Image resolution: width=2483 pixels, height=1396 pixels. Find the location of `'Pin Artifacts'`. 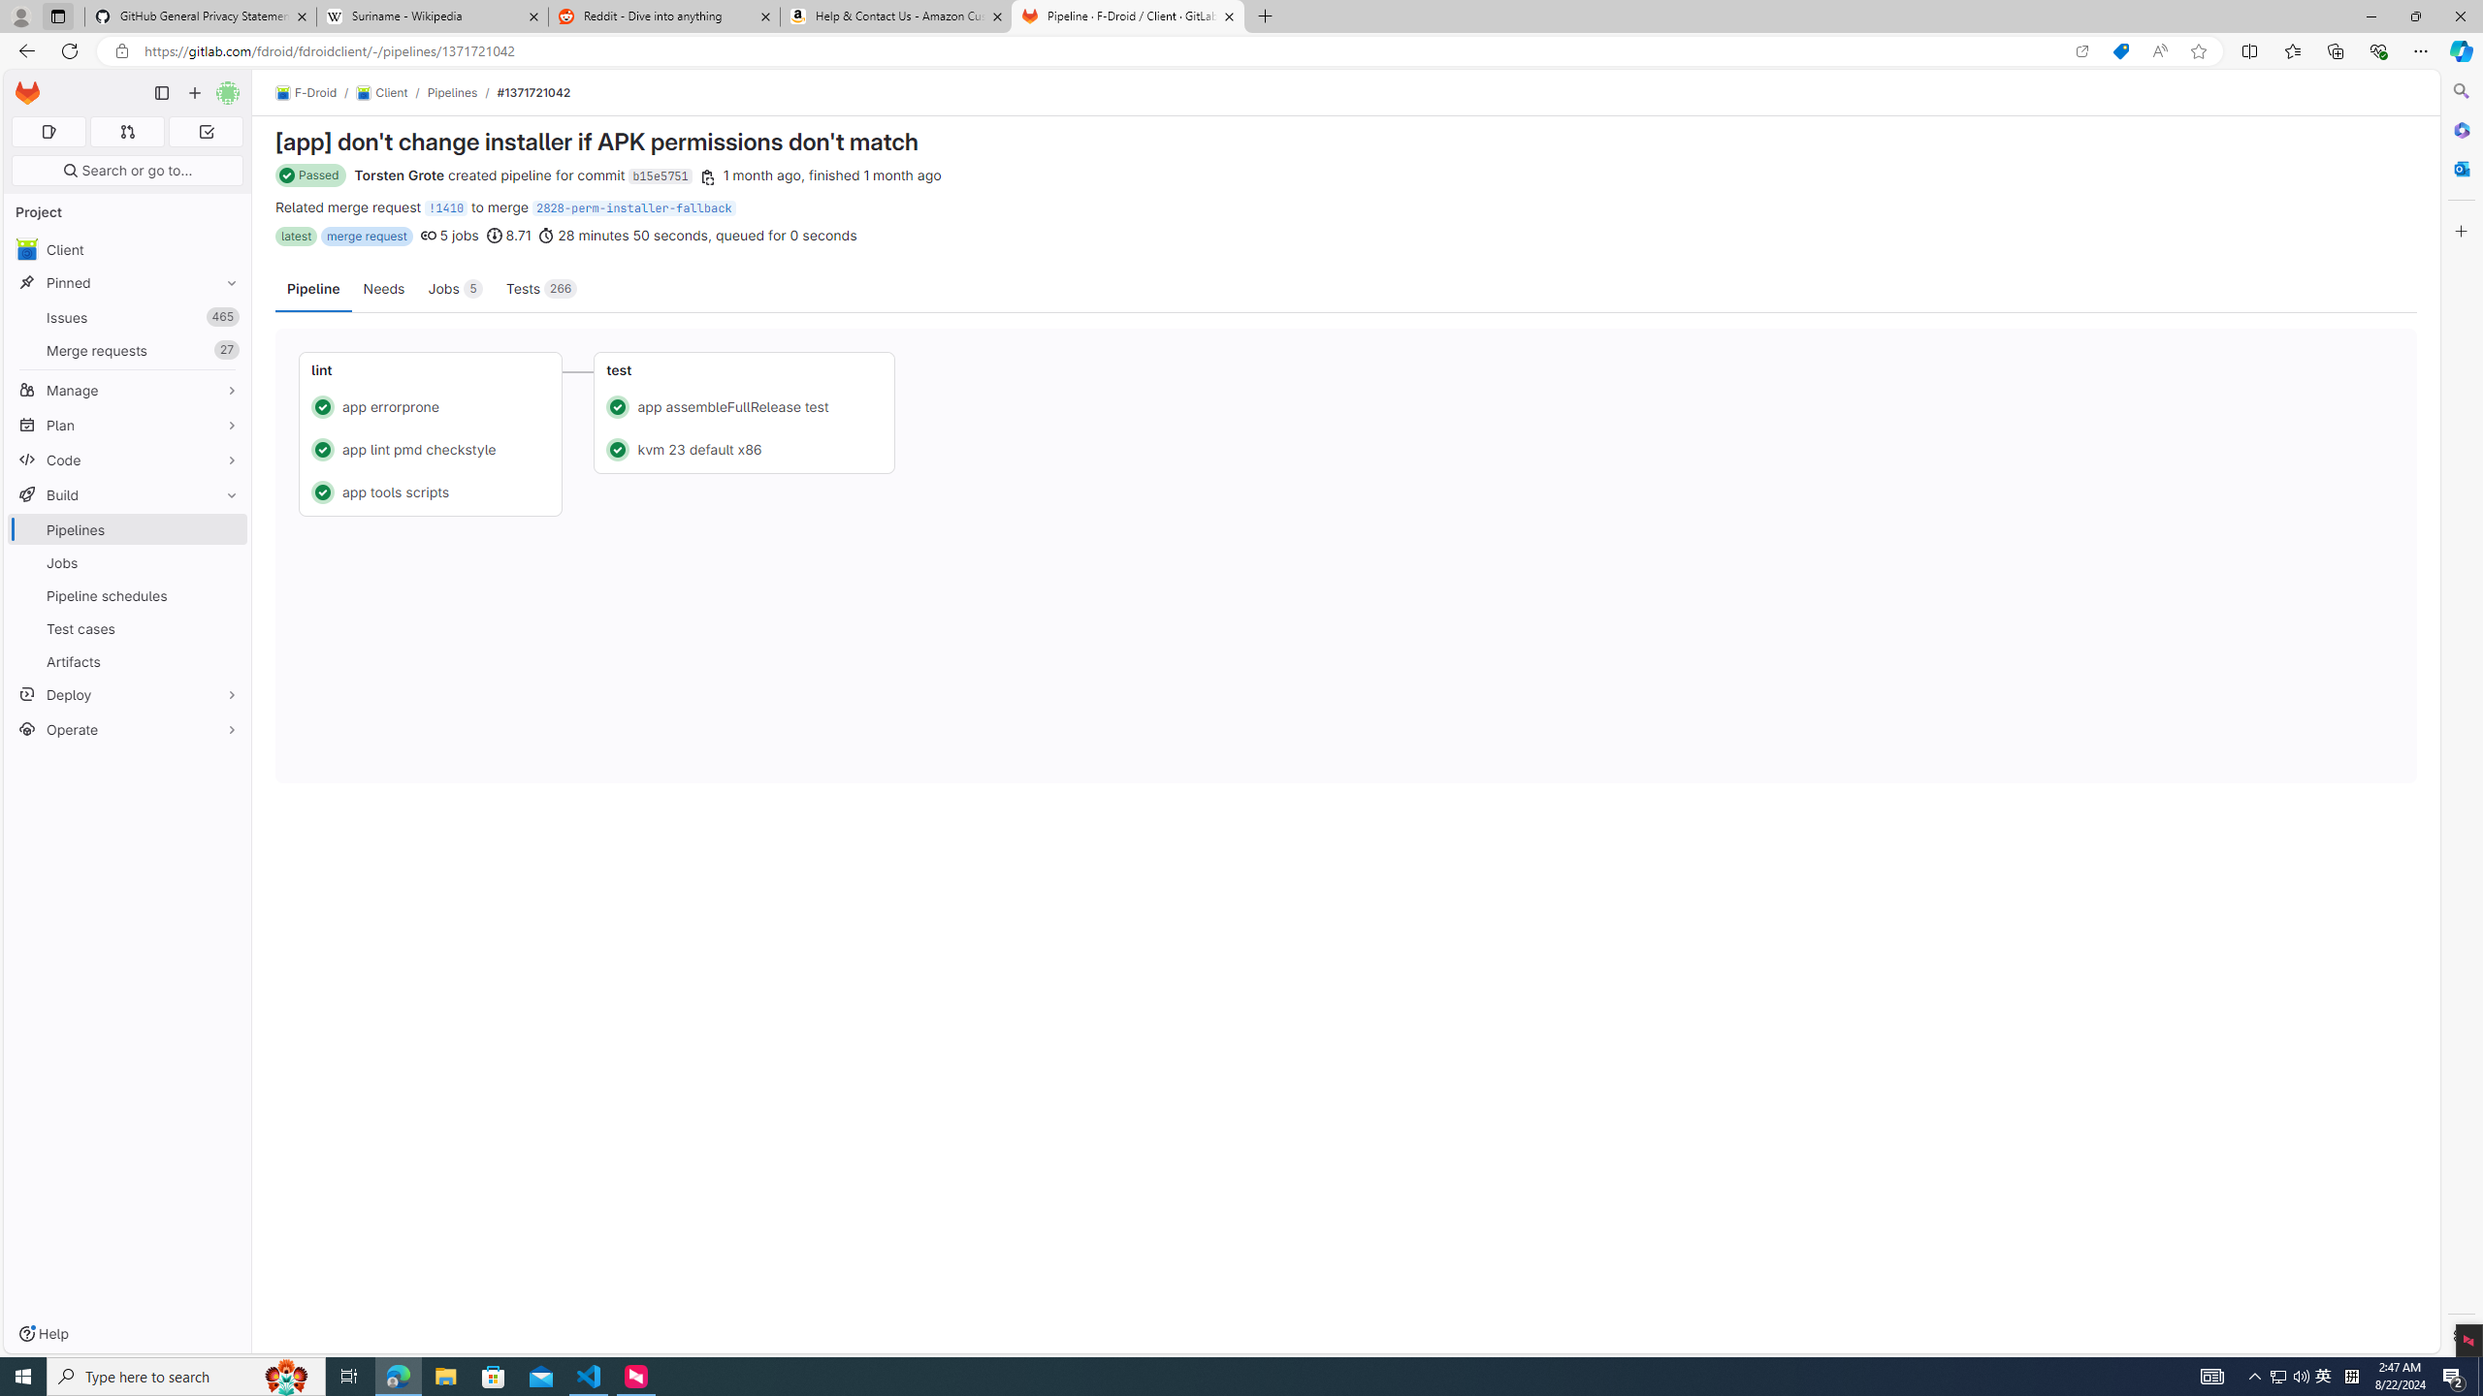

'Pin Artifacts' is located at coordinates (226, 660).